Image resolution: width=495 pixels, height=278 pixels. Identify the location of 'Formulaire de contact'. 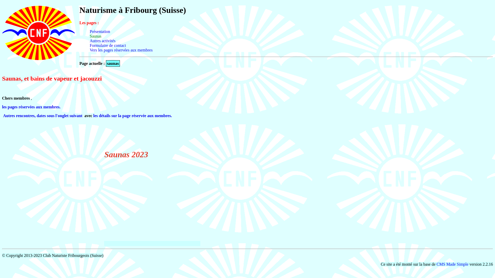
(107, 45).